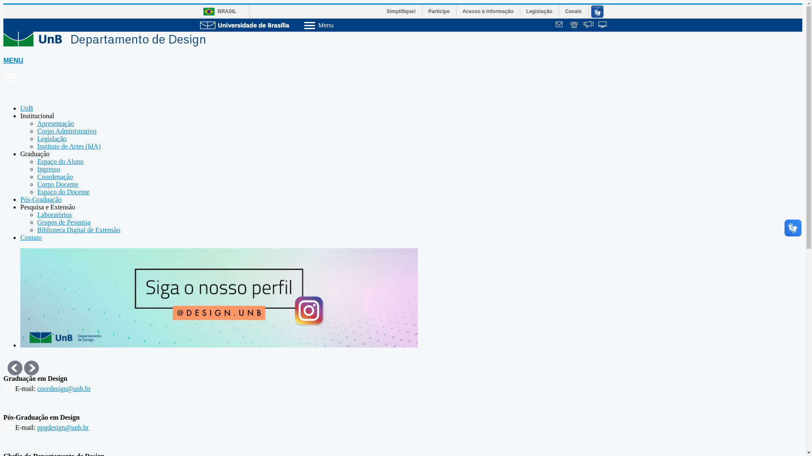  Describe the element at coordinates (340, 24) in the screenshot. I see `'Menu'` at that location.